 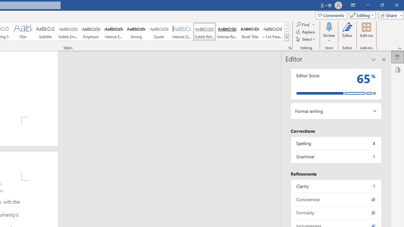 What do you see at coordinates (336, 199) in the screenshot?
I see `'Conciseness, 0 issues. Press space or enter to review items.'` at bounding box center [336, 199].